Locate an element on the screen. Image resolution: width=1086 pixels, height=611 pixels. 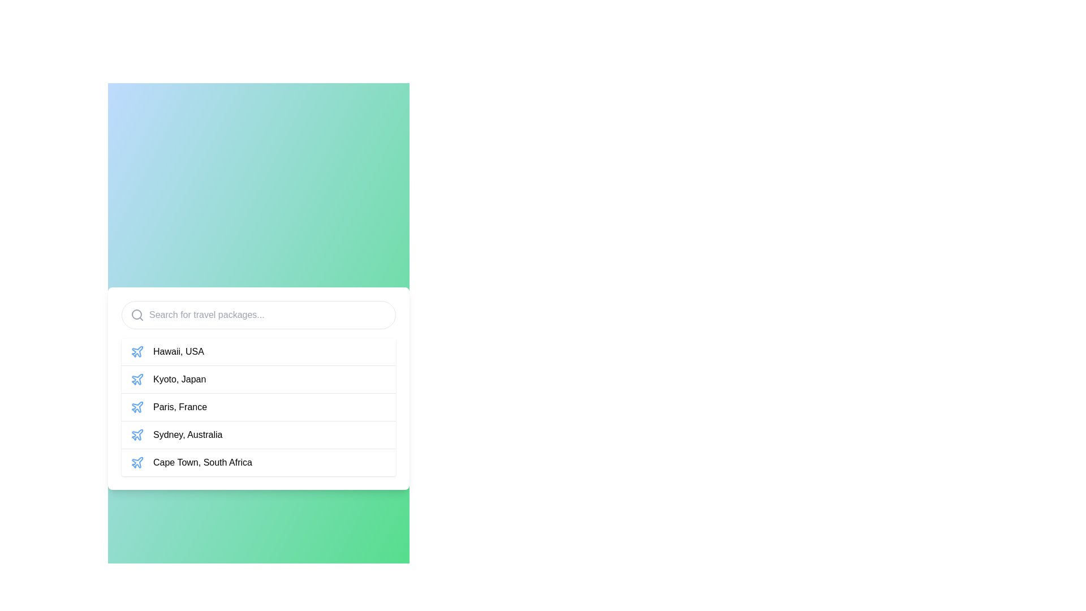
the blue airplane icon located next to the text 'Paris, France', which is the third item in the destination list is located at coordinates (137, 406).